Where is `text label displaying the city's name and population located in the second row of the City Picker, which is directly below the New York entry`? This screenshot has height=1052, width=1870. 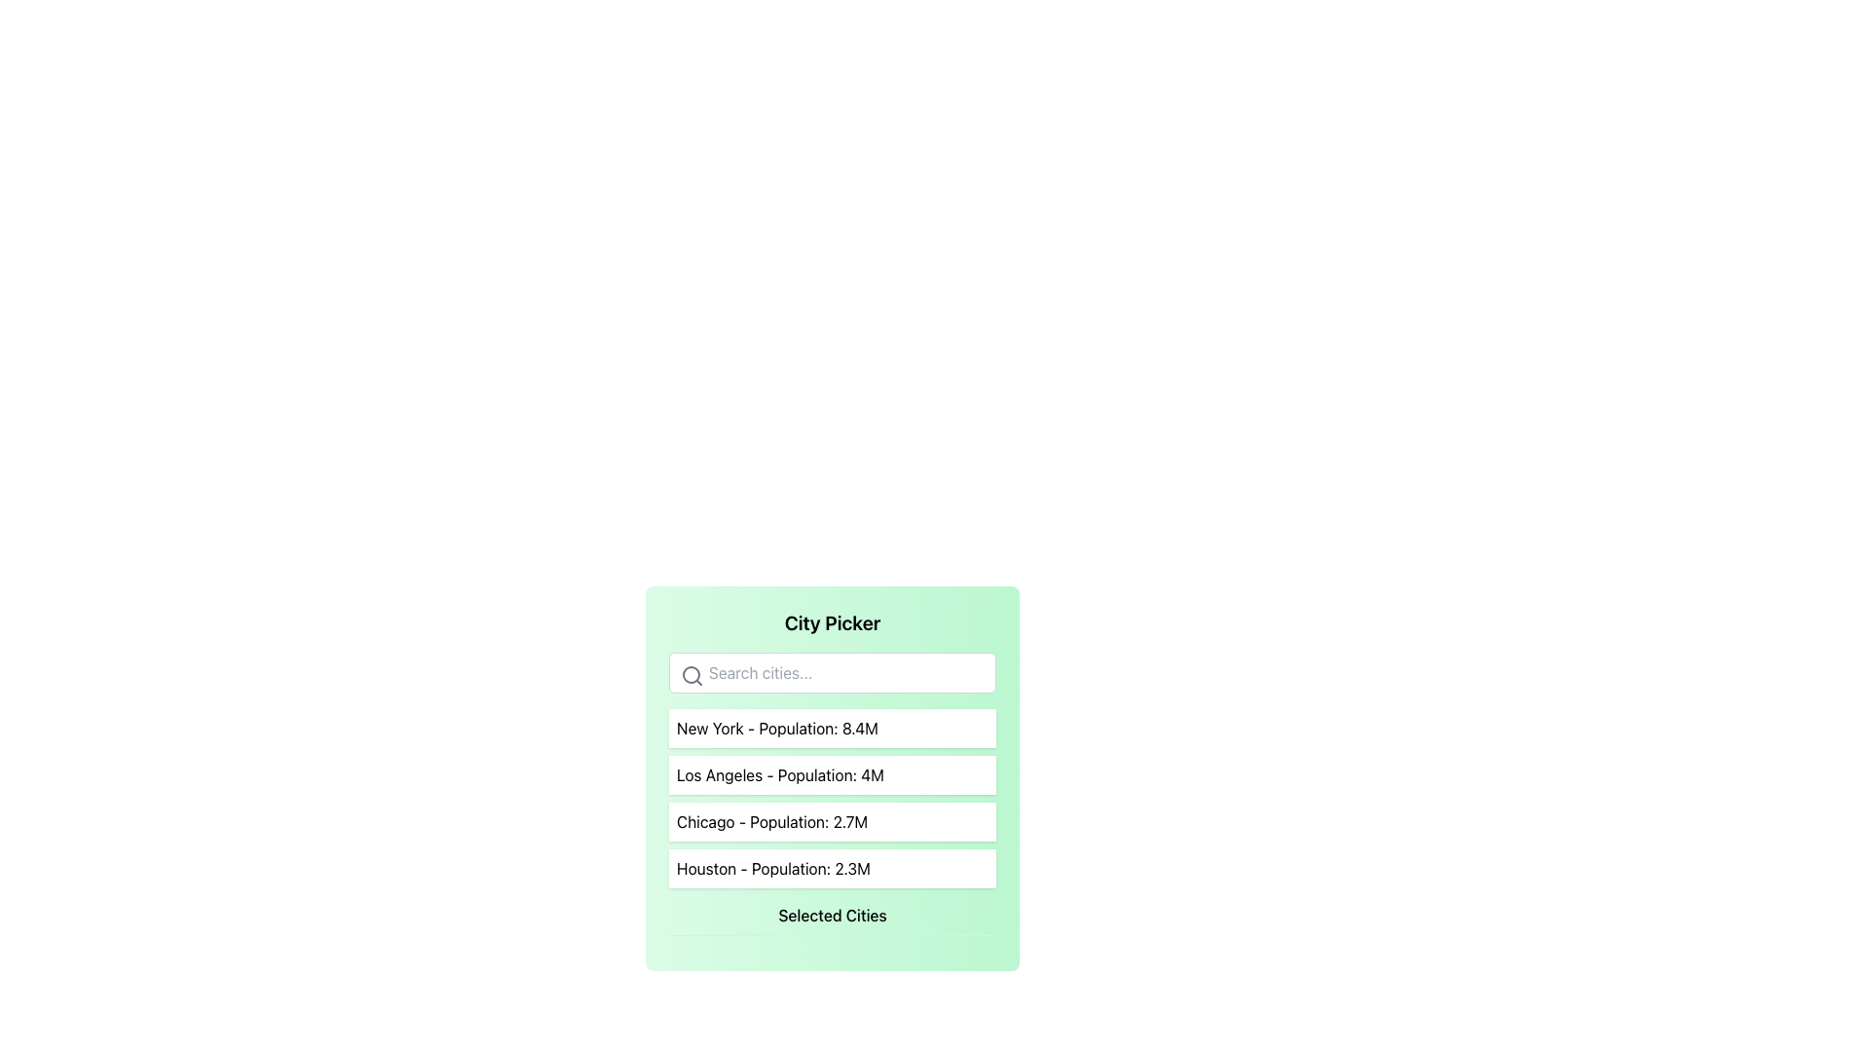 text label displaying the city's name and population located in the second row of the City Picker, which is directly below the New York entry is located at coordinates (780, 773).